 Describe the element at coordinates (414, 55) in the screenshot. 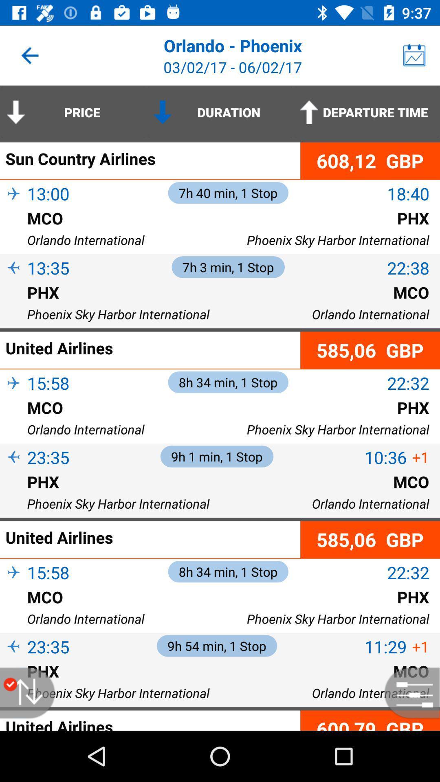

I see `the item next to the orlando - phoenix item` at that location.